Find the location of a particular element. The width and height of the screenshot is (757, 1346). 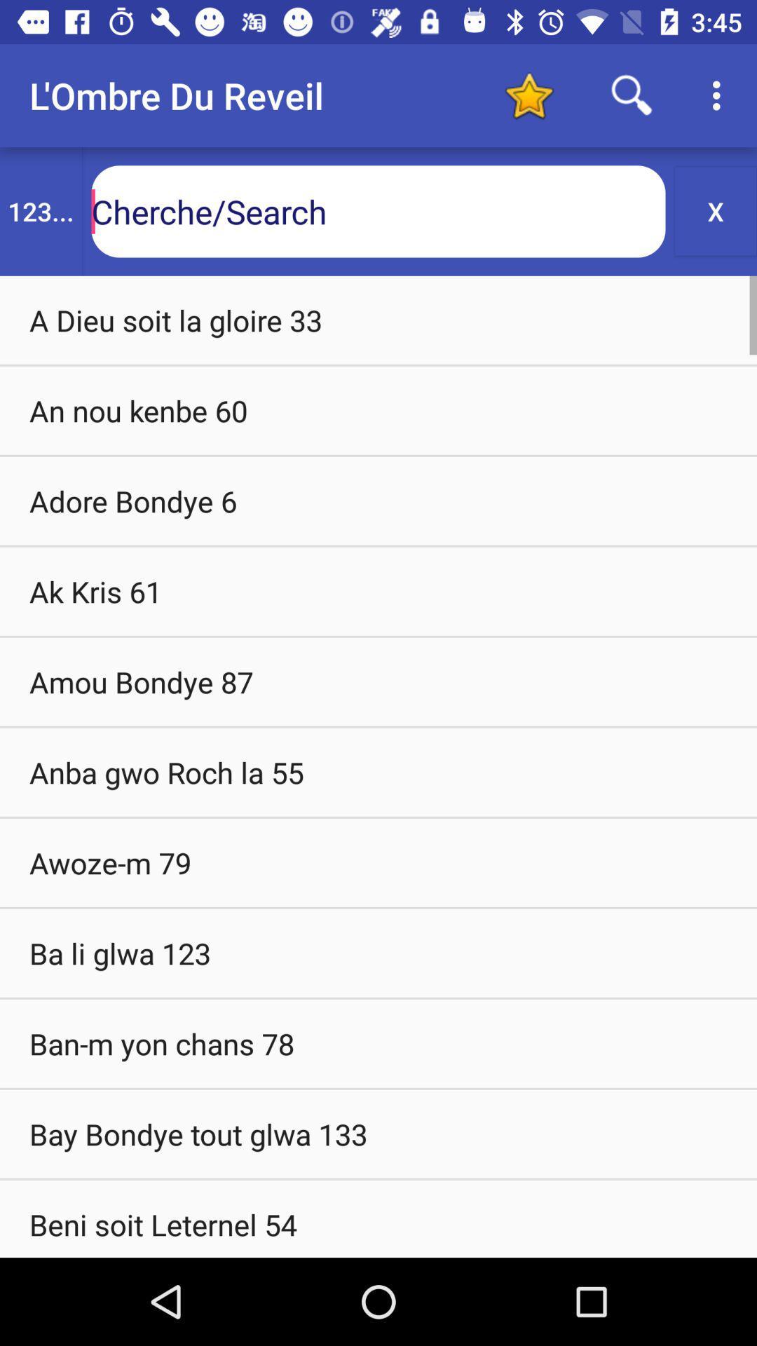

x is located at coordinates (716, 210).